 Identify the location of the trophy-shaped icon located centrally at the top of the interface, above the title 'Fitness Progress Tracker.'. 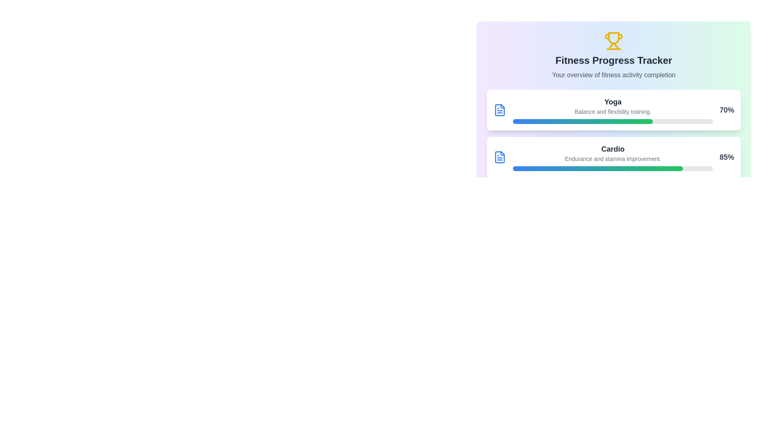
(613, 38).